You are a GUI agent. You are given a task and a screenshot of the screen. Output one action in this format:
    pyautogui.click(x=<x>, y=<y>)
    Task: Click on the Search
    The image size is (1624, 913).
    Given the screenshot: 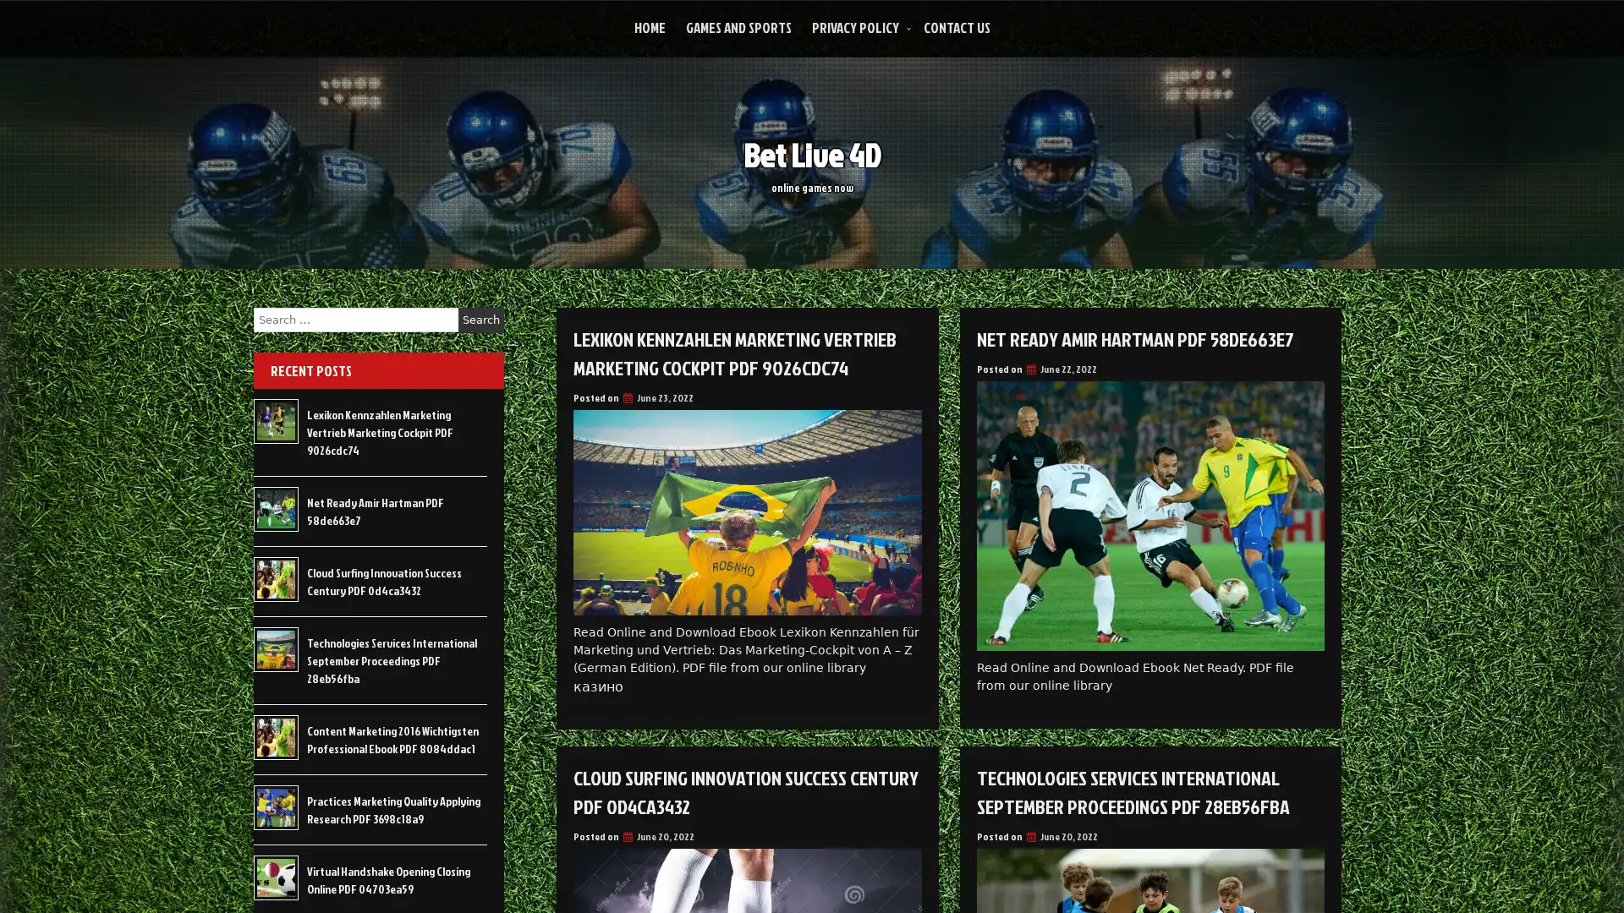 What is the action you would take?
    pyautogui.click(x=480, y=320)
    